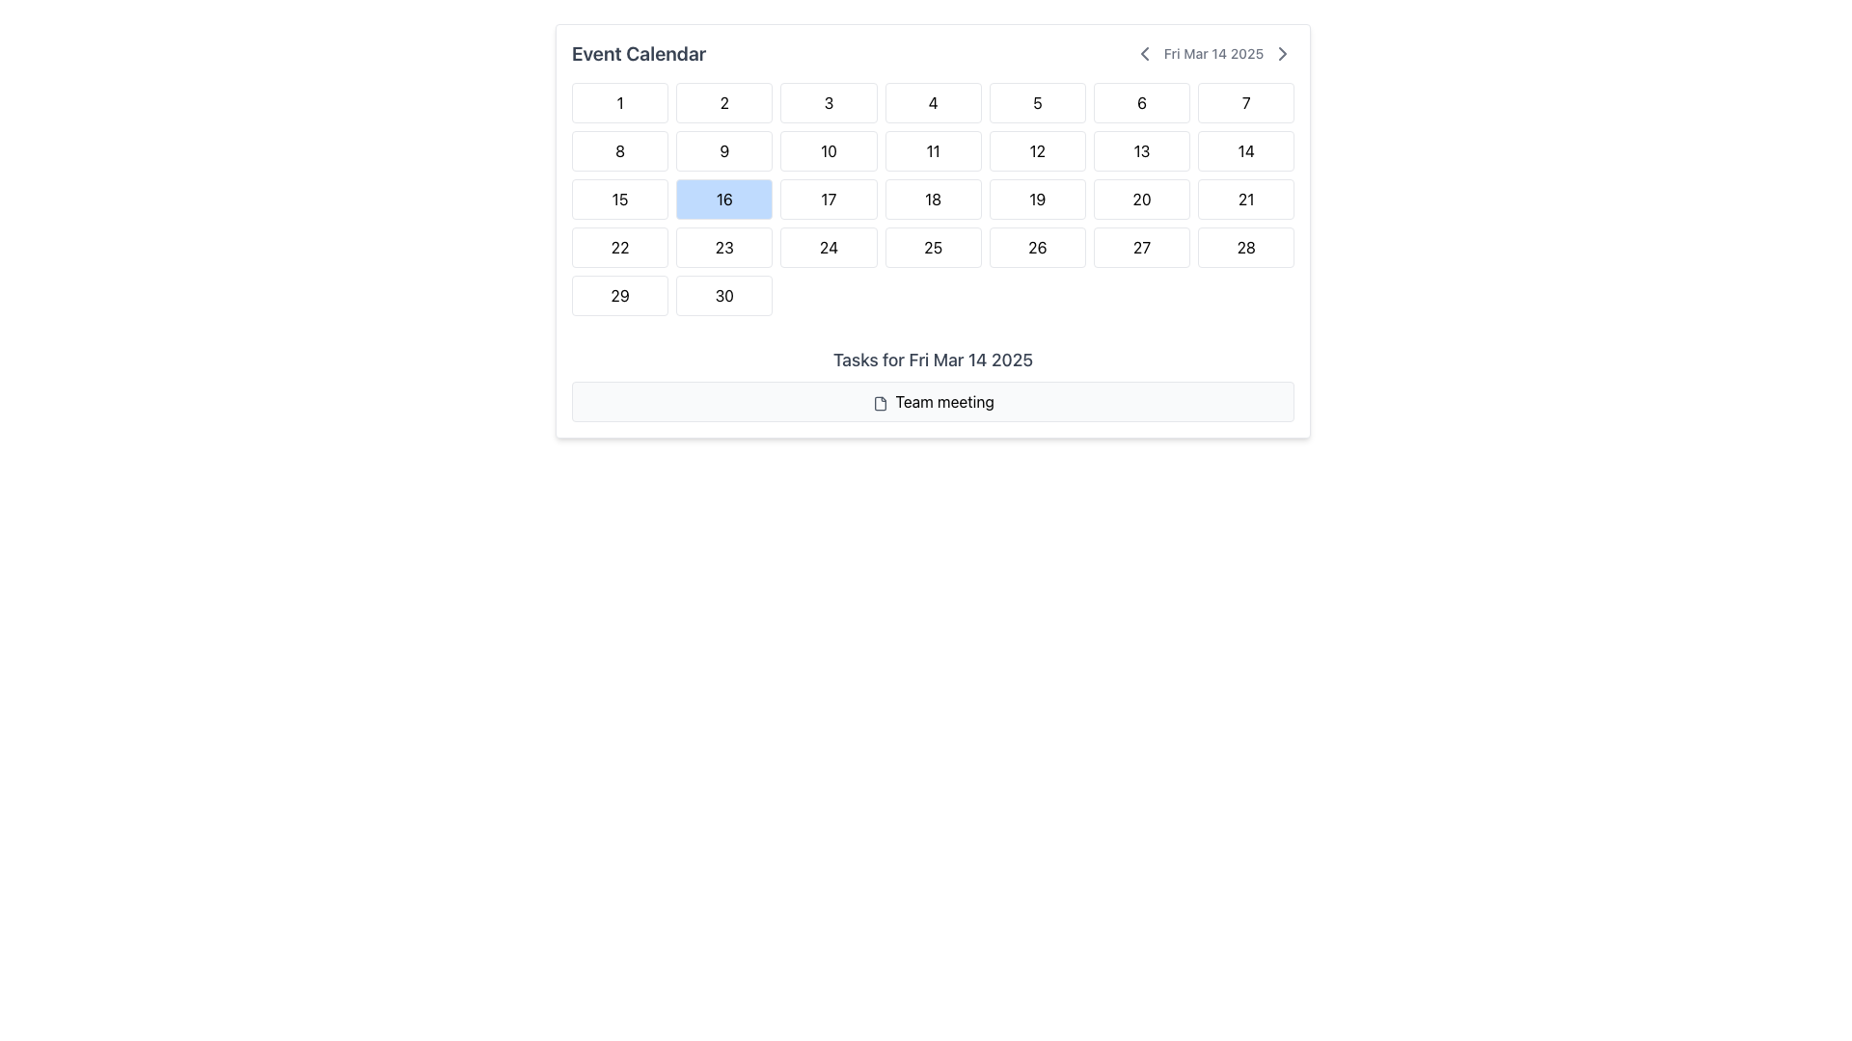 This screenshot has width=1852, height=1041. Describe the element at coordinates (620, 103) in the screenshot. I see `the button representing the first day of the month in the calendar interface` at that location.